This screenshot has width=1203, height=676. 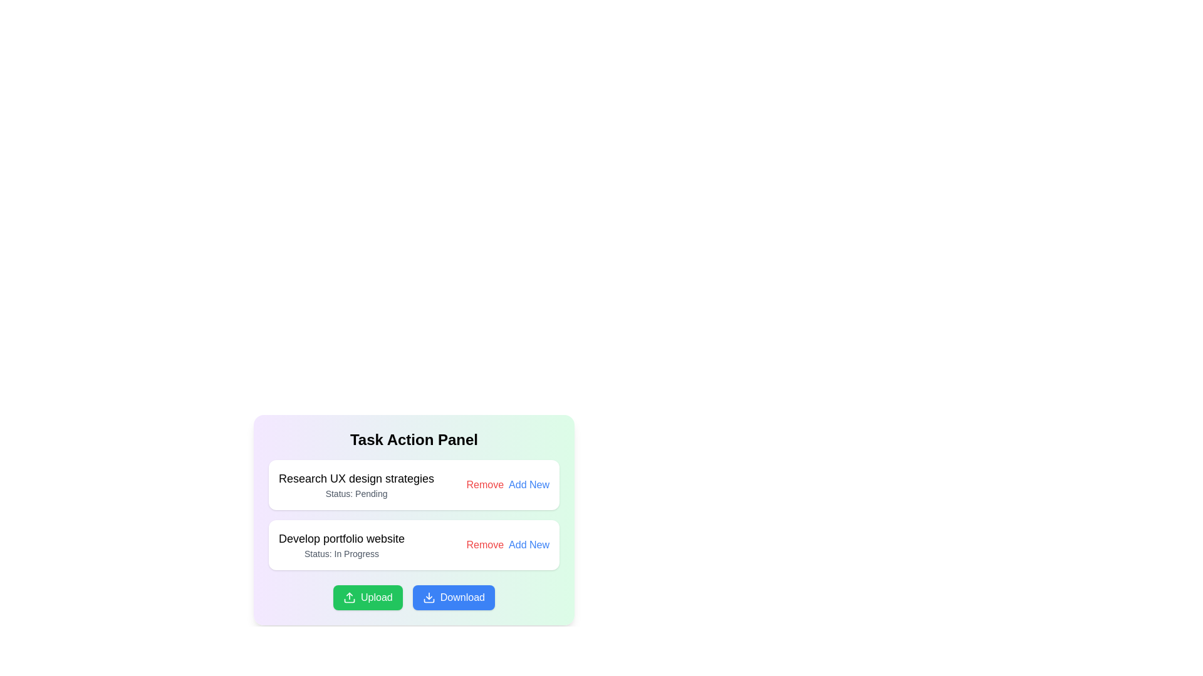 What do you see at coordinates (414, 597) in the screenshot?
I see `the 'Download' button, which is part of a composite element consisting of two buttons labeled 'Upload' and 'Download', with the 'Download' button having a blue background and a downward arrow icon` at bounding box center [414, 597].